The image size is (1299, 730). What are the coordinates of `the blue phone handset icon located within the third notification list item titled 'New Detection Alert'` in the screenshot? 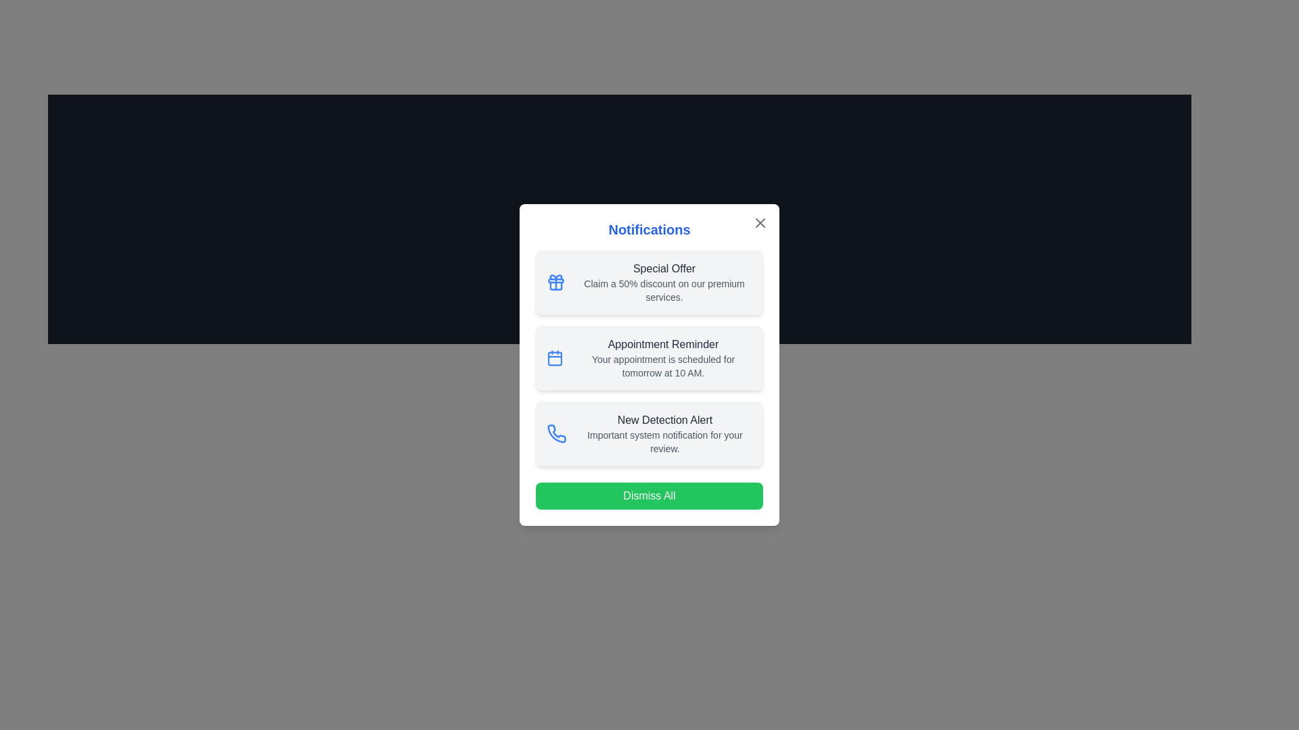 It's located at (556, 433).